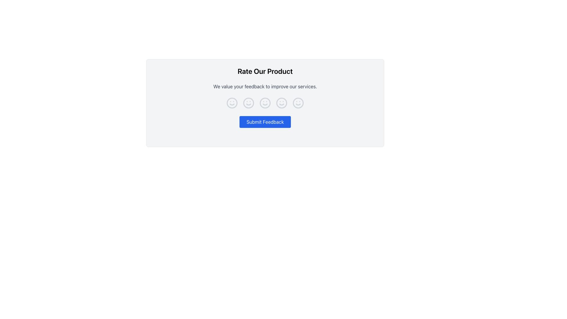 This screenshot has width=567, height=319. Describe the element at coordinates (265, 87) in the screenshot. I see `the static text element that reads 'We value your feedback to improve our services.' which is styled in gray and located within the feedback form, positioned between the heading 'Rate Our Product' and the feedback icons` at that location.